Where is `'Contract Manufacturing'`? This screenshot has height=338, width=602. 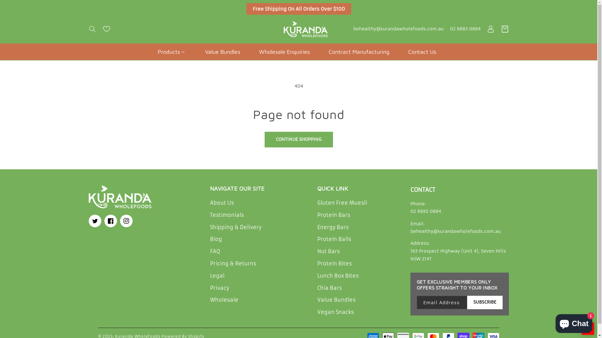 'Contract Manufacturing' is located at coordinates (359, 51).